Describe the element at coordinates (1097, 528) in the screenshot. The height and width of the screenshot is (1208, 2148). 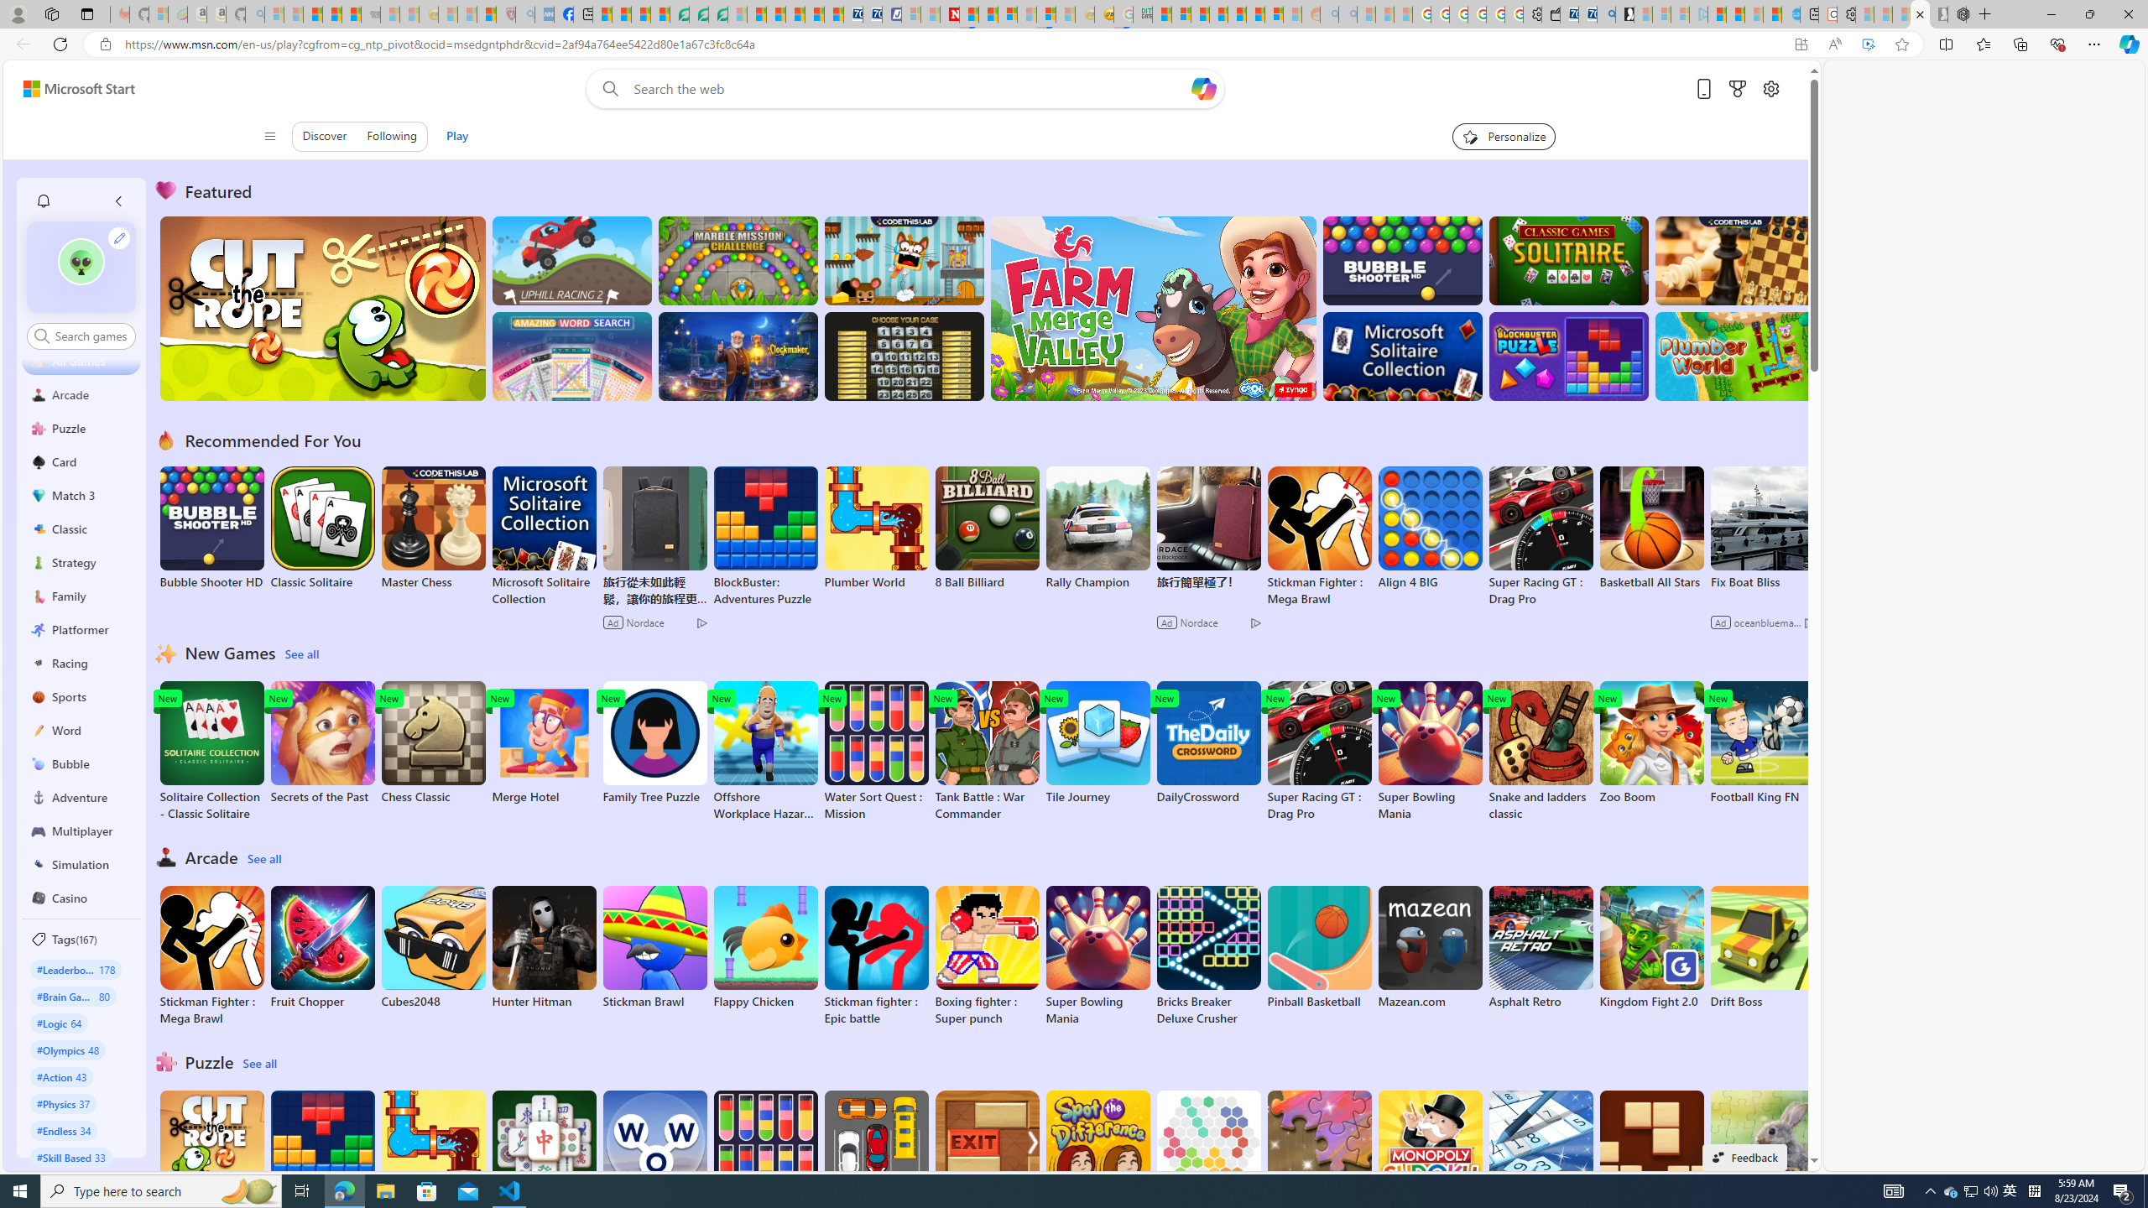
I see `'Rally Champion'` at that location.